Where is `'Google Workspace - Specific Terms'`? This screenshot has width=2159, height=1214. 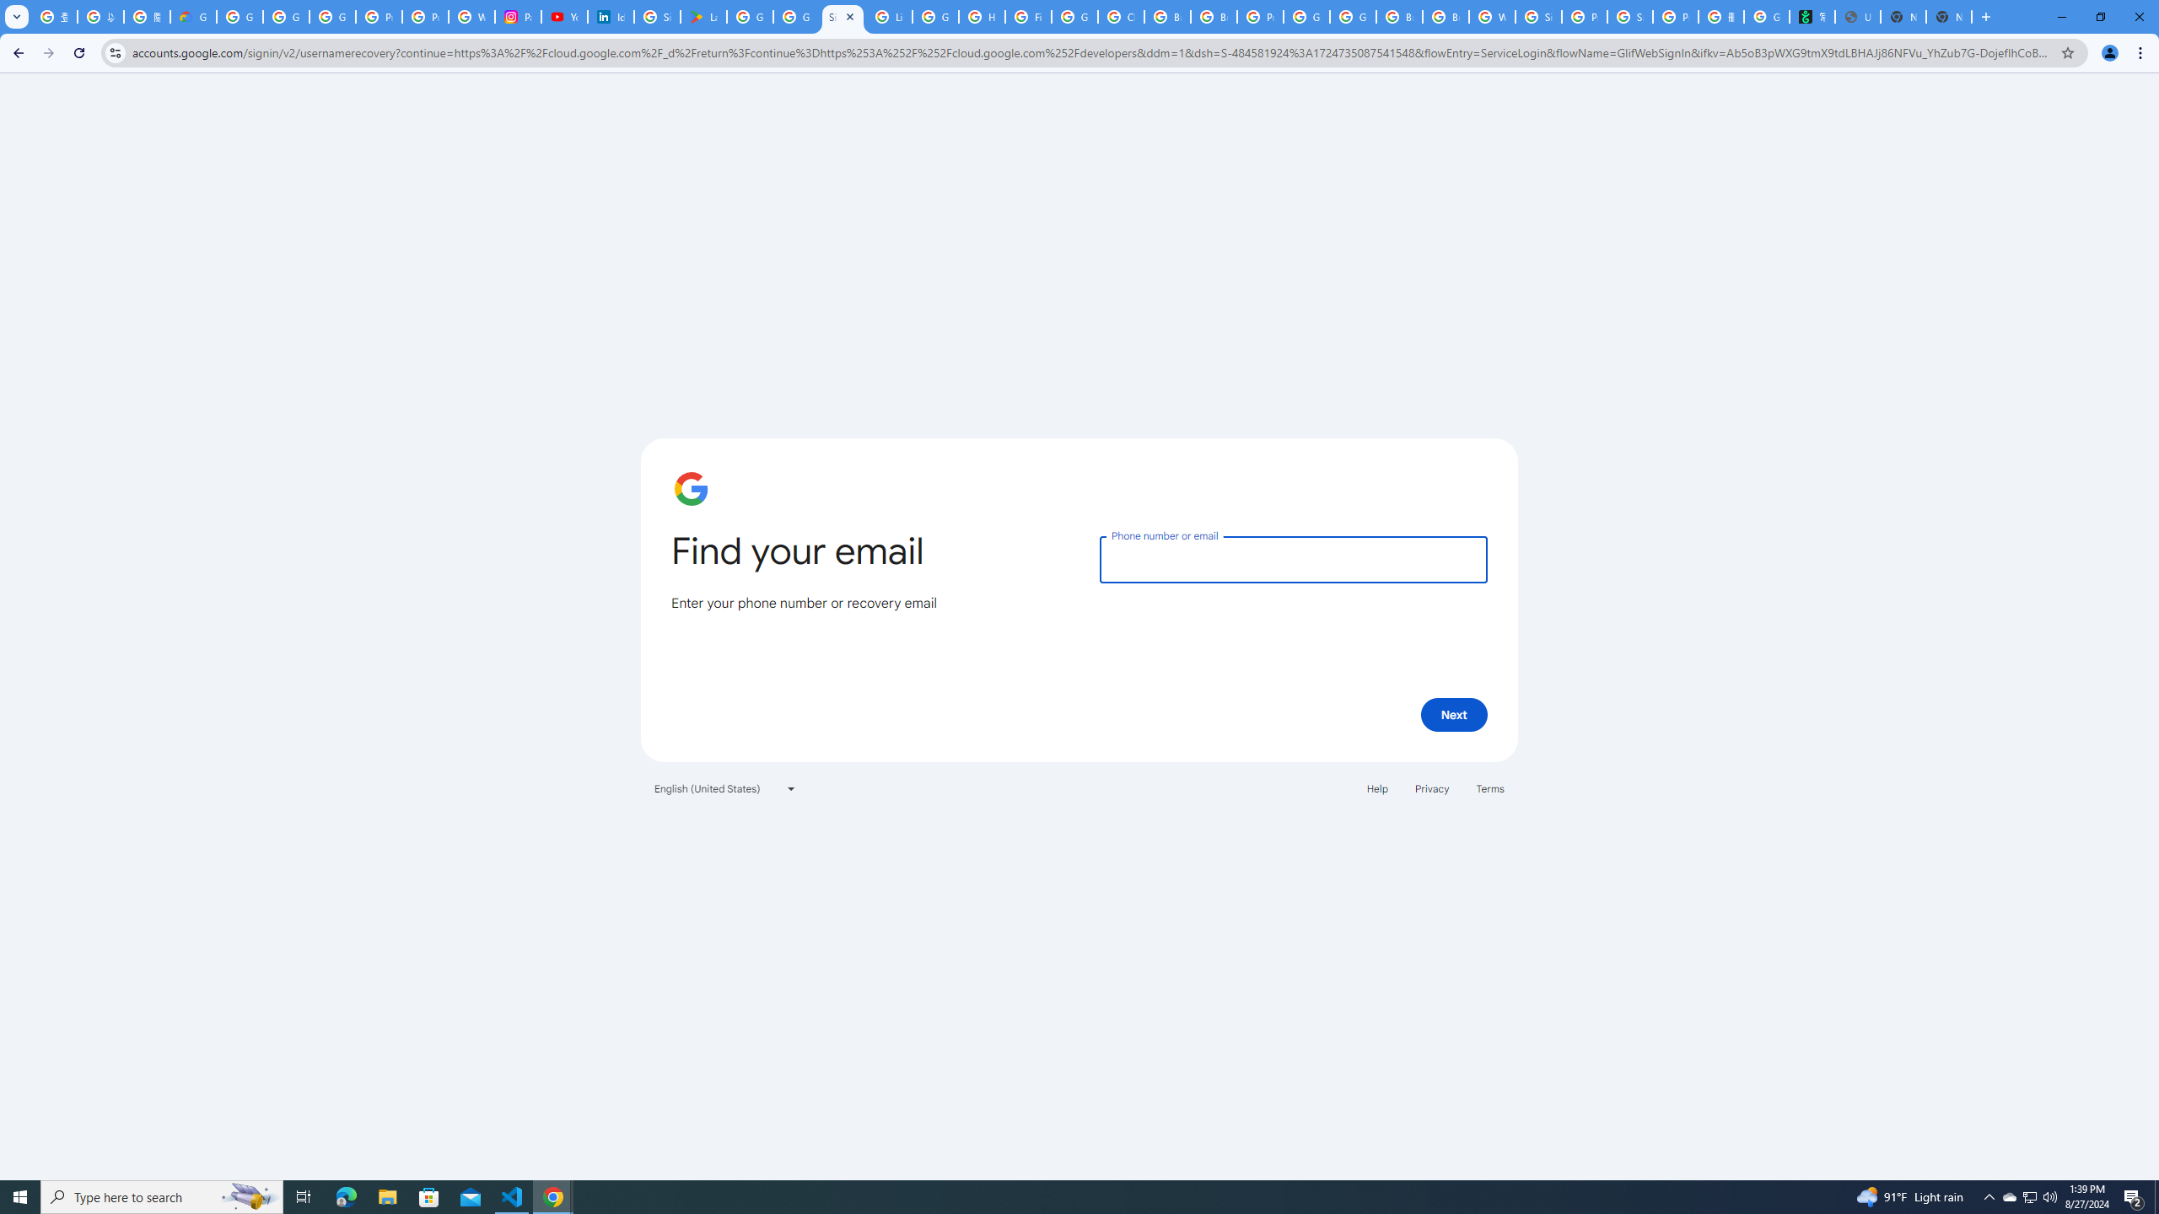 'Google Workspace - Specific Terms' is located at coordinates (795, 16).